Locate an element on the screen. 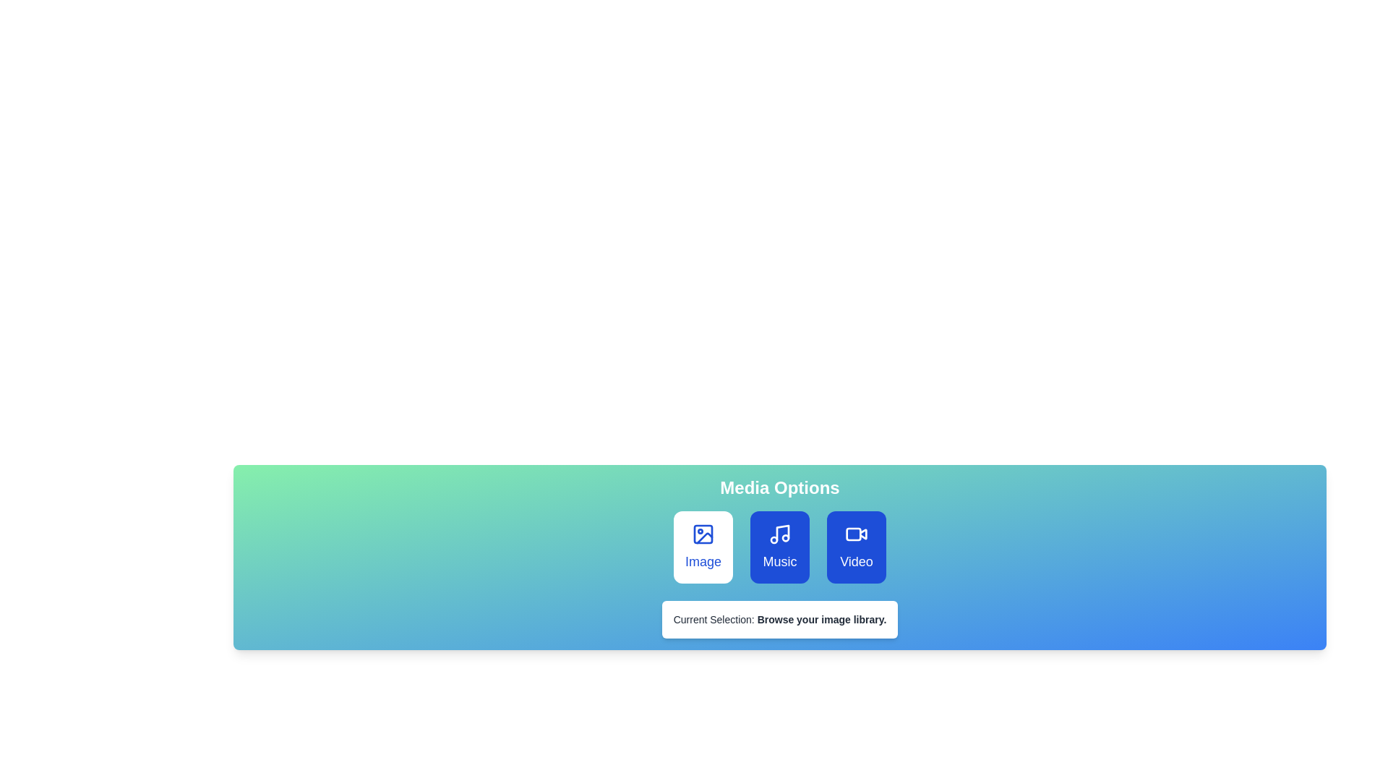 This screenshot has height=781, width=1388. the 'Music' button with a music note icon, which has a blue background and white text is located at coordinates (779, 547).